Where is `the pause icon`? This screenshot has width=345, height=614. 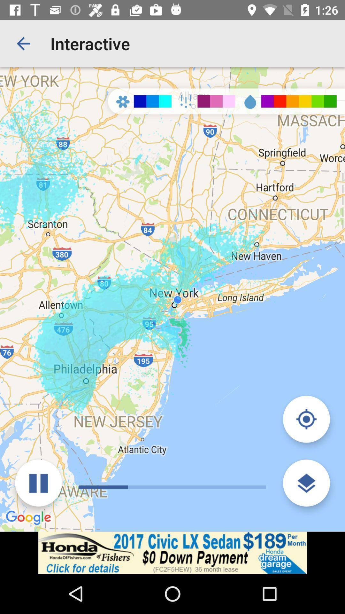 the pause icon is located at coordinates (38, 483).